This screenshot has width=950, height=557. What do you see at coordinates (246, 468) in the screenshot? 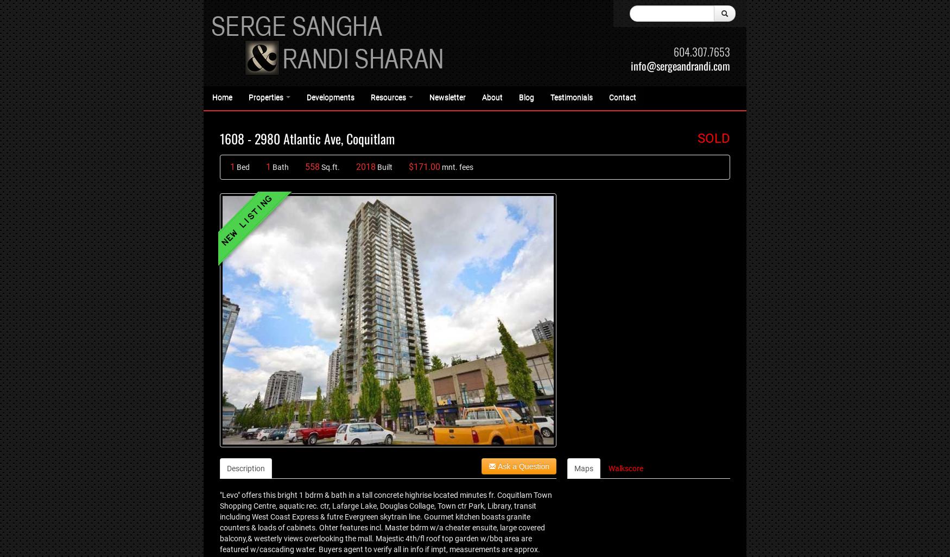
I see `'Description'` at bounding box center [246, 468].